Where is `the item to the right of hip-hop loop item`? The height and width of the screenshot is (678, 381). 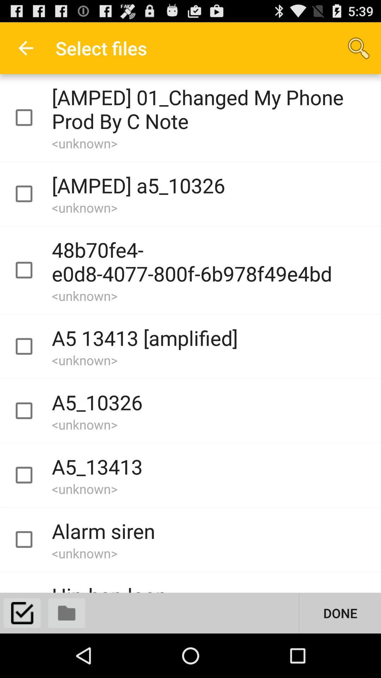
the item to the right of hip-hop loop item is located at coordinates (340, 613).